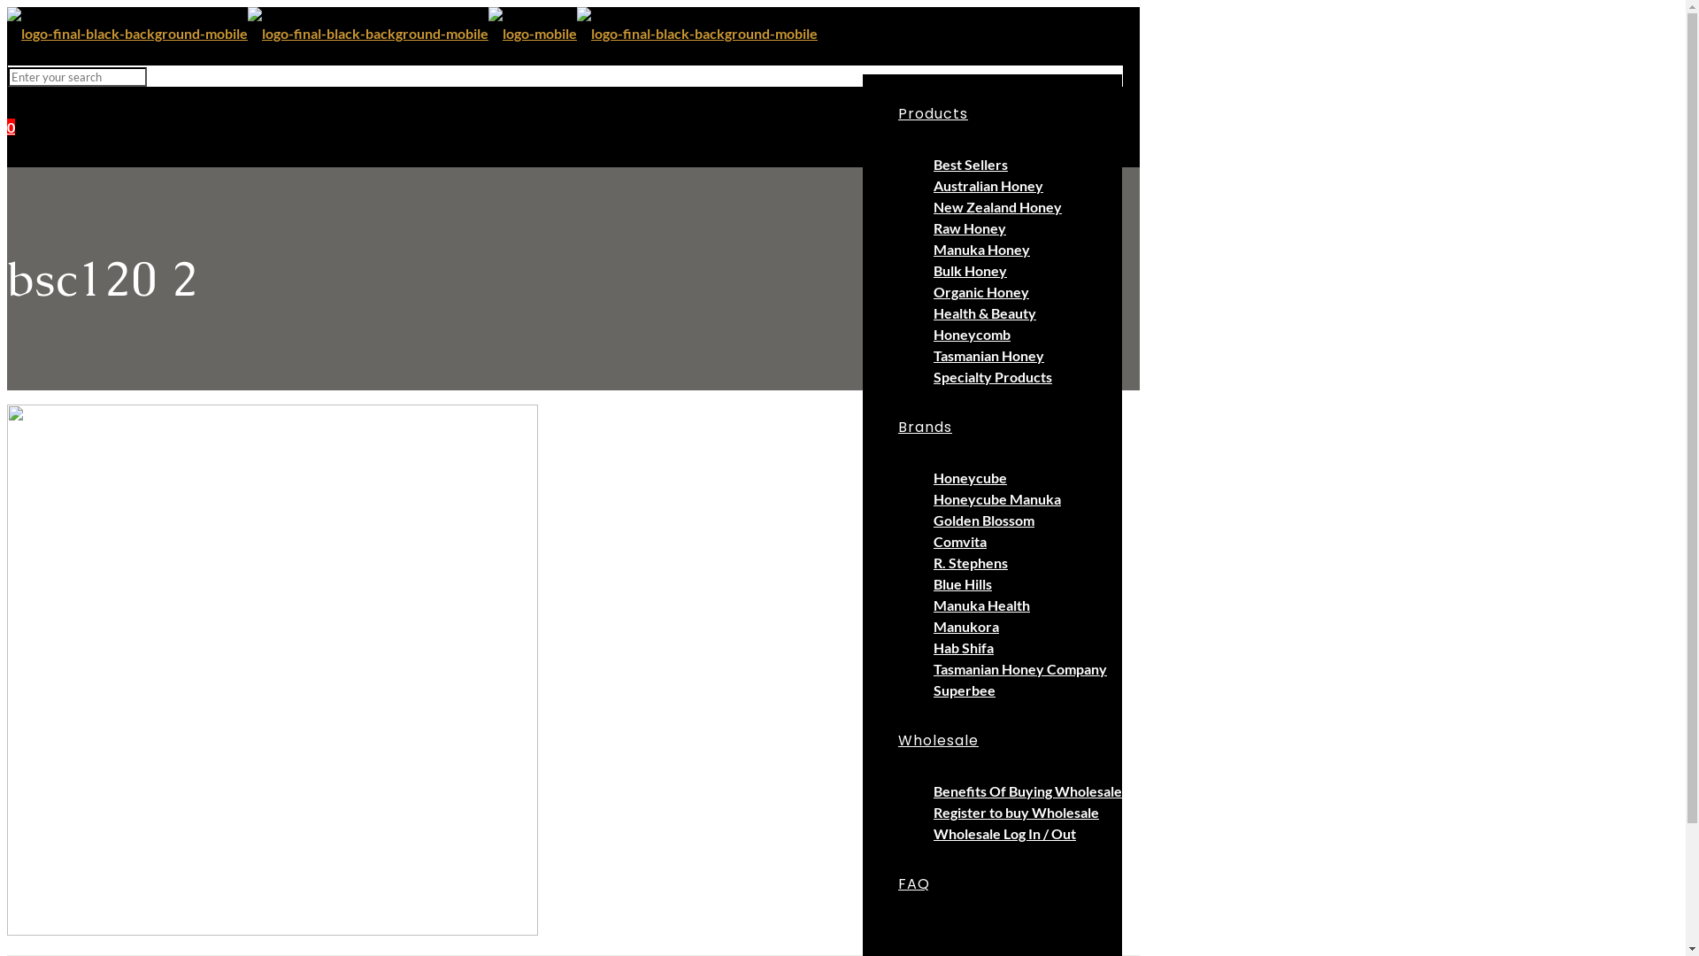 The height and width of the screenshot is (956, 1699). Describe the element at coordinates (970, 562) in the screenshot. I see `'R. Stephens'` at that location.